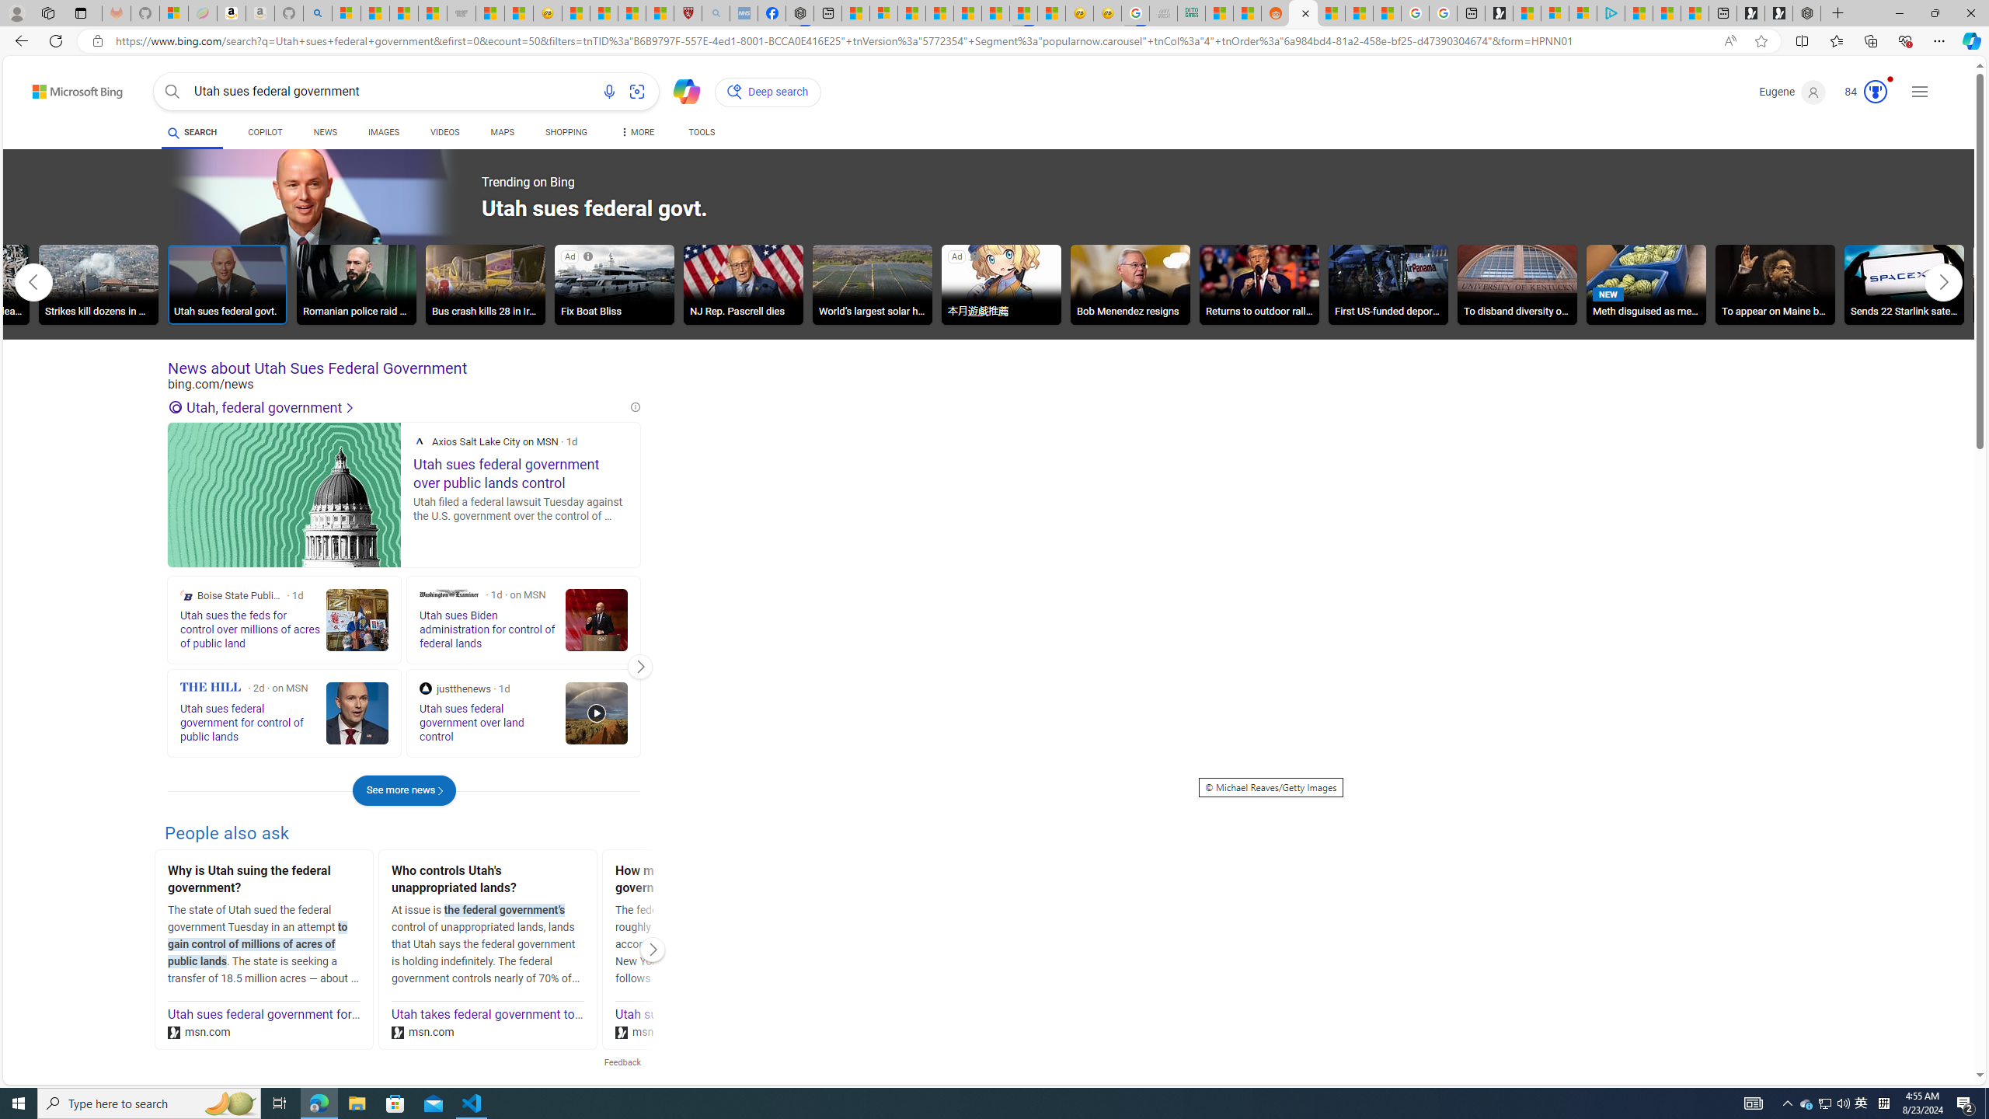  What do you see at coordinates (33, 281) in the screenshot?
I see `'AutomationID: tob_left_arrow'` at bounding box center [33, 281].